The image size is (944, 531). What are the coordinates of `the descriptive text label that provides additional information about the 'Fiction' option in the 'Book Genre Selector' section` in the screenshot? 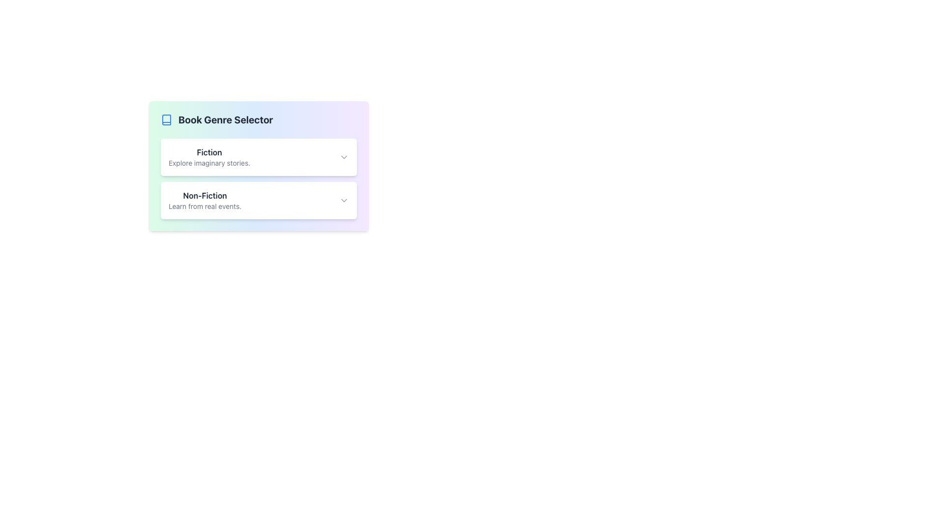 It's located at (209, 162).